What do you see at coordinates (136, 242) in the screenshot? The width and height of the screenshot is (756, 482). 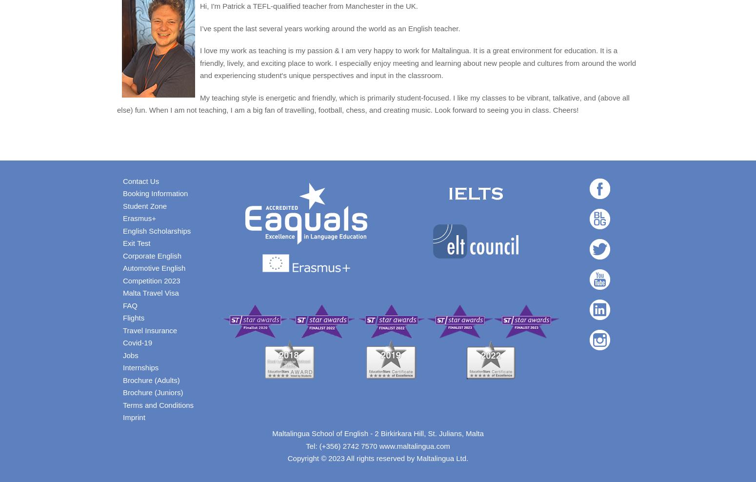 I see `'Exit Test'` at bounding box center [136, 242].